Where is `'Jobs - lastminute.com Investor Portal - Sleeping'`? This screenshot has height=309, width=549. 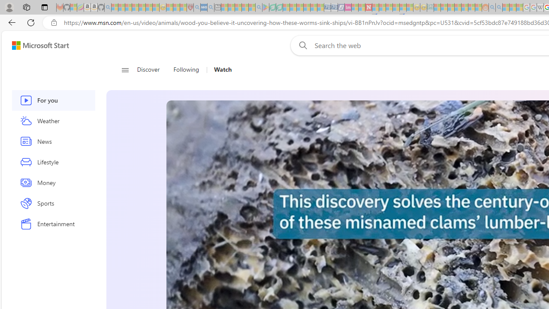 'Jobs - lastminute.com Investor Portal - Sleeping' is located at coordinates (348, 7).